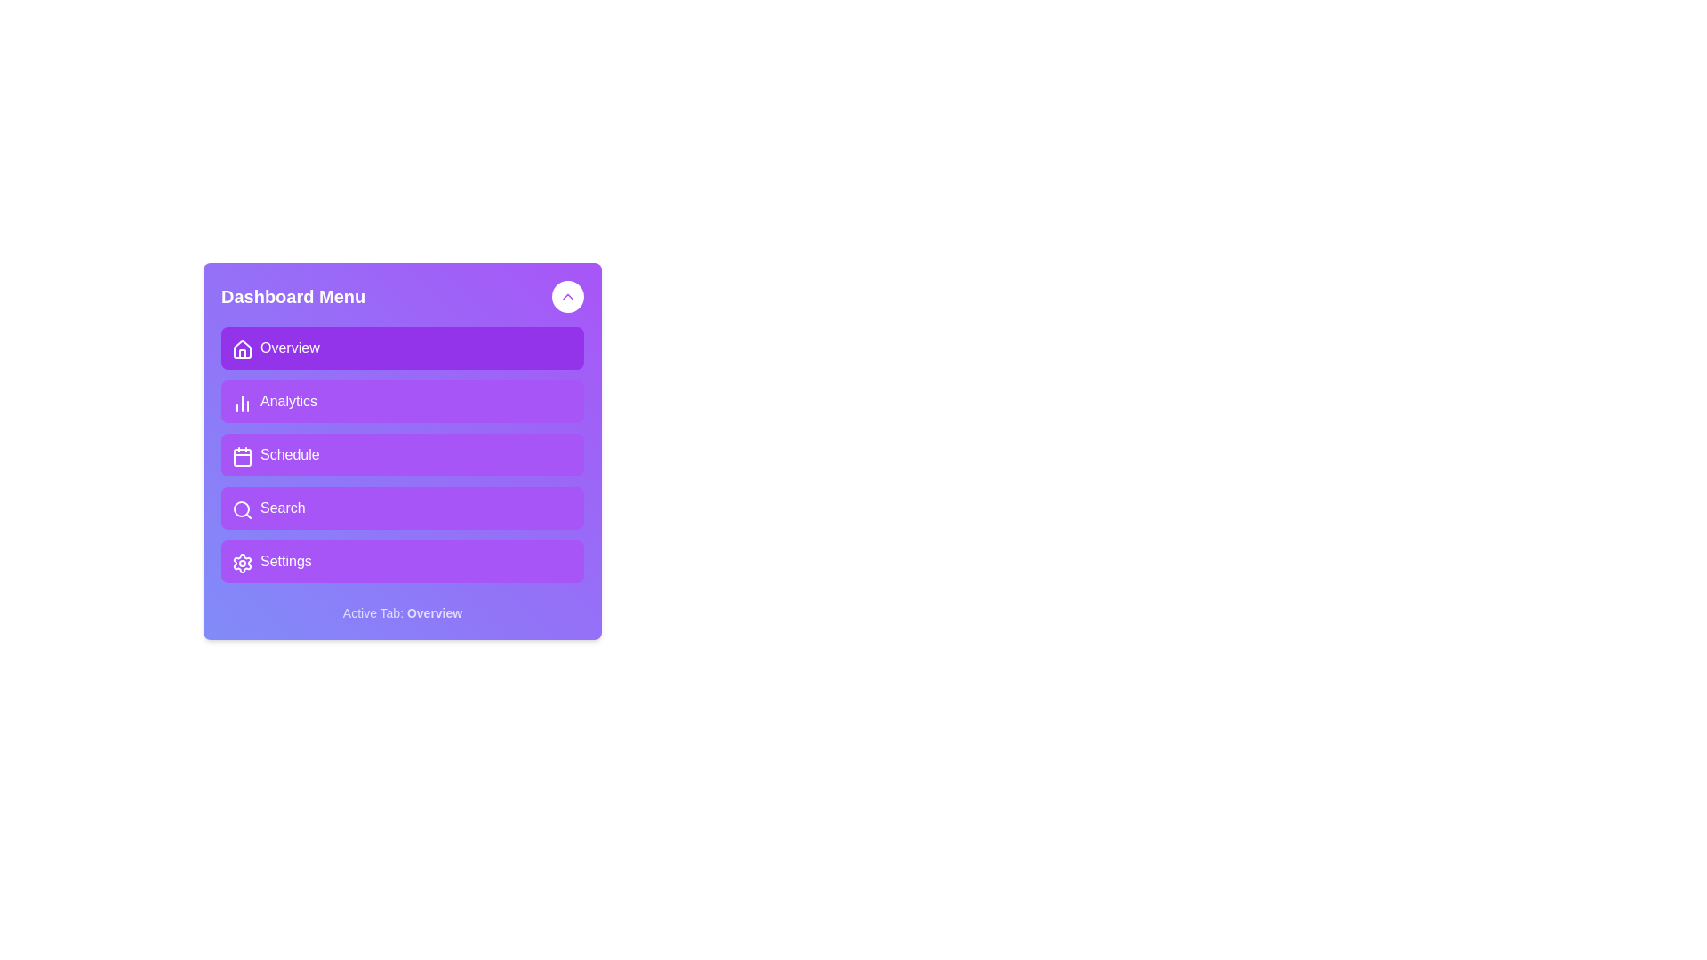 This screenshot has width=1707, height=960. What do you see at coordinates (290, 348) in the screenshot?
I see `the 'Overview' text label in the sidebar menu, which is located near the top of the vertical list and signifies the current active tab` at bounding box center [290, 348].